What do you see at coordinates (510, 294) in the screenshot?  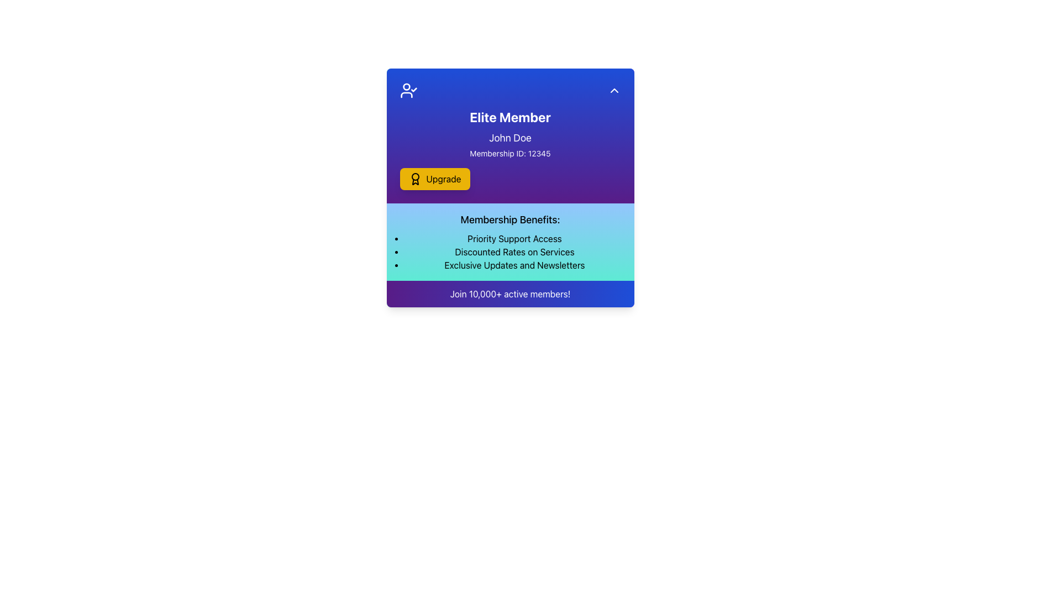 I see `the static informational banner at the bottom of the card interface that reads 'Join 10,000+ active members!'` at bounding box center [510, 294].